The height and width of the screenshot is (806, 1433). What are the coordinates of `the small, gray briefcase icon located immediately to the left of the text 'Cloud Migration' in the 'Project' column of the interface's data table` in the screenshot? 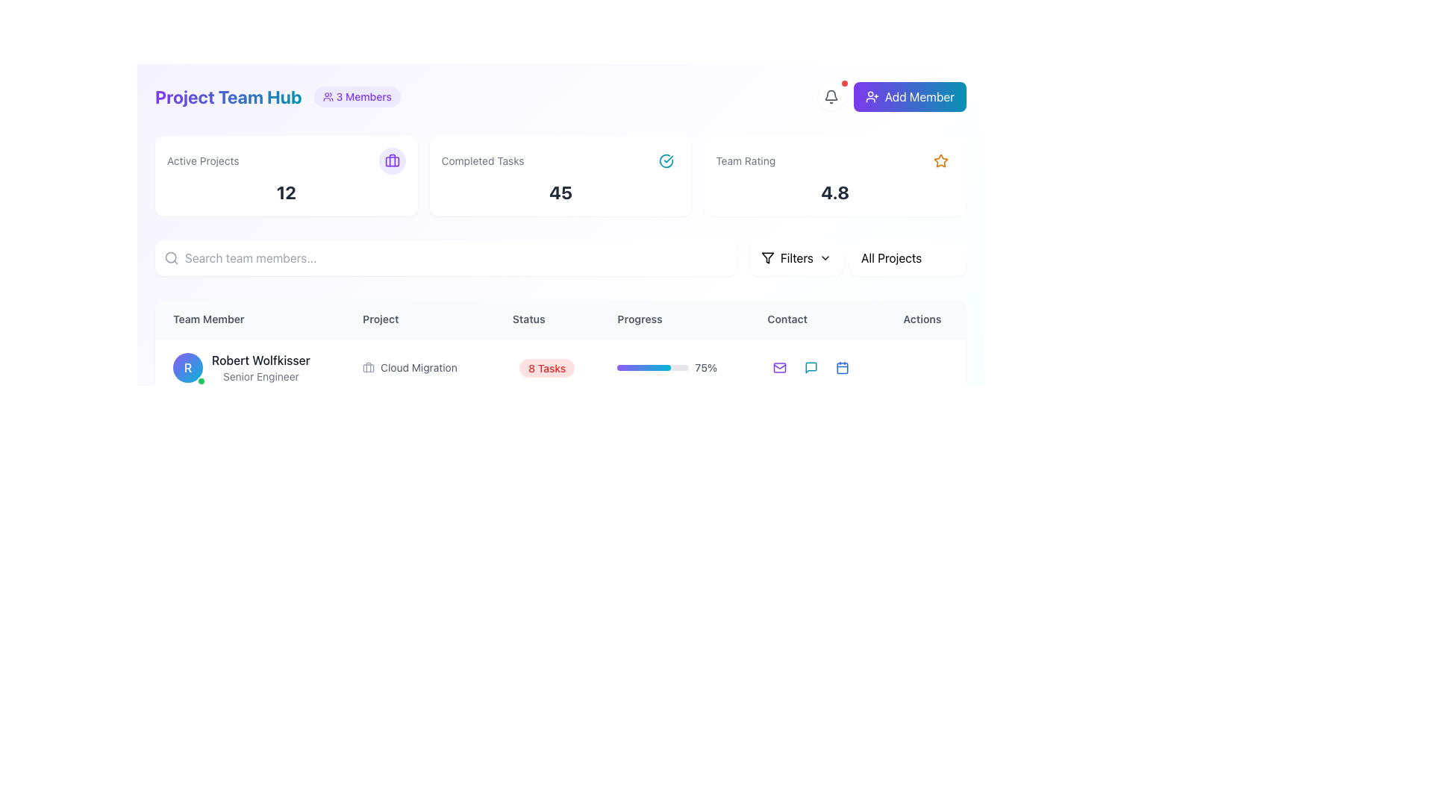 It's located at (369, 368).